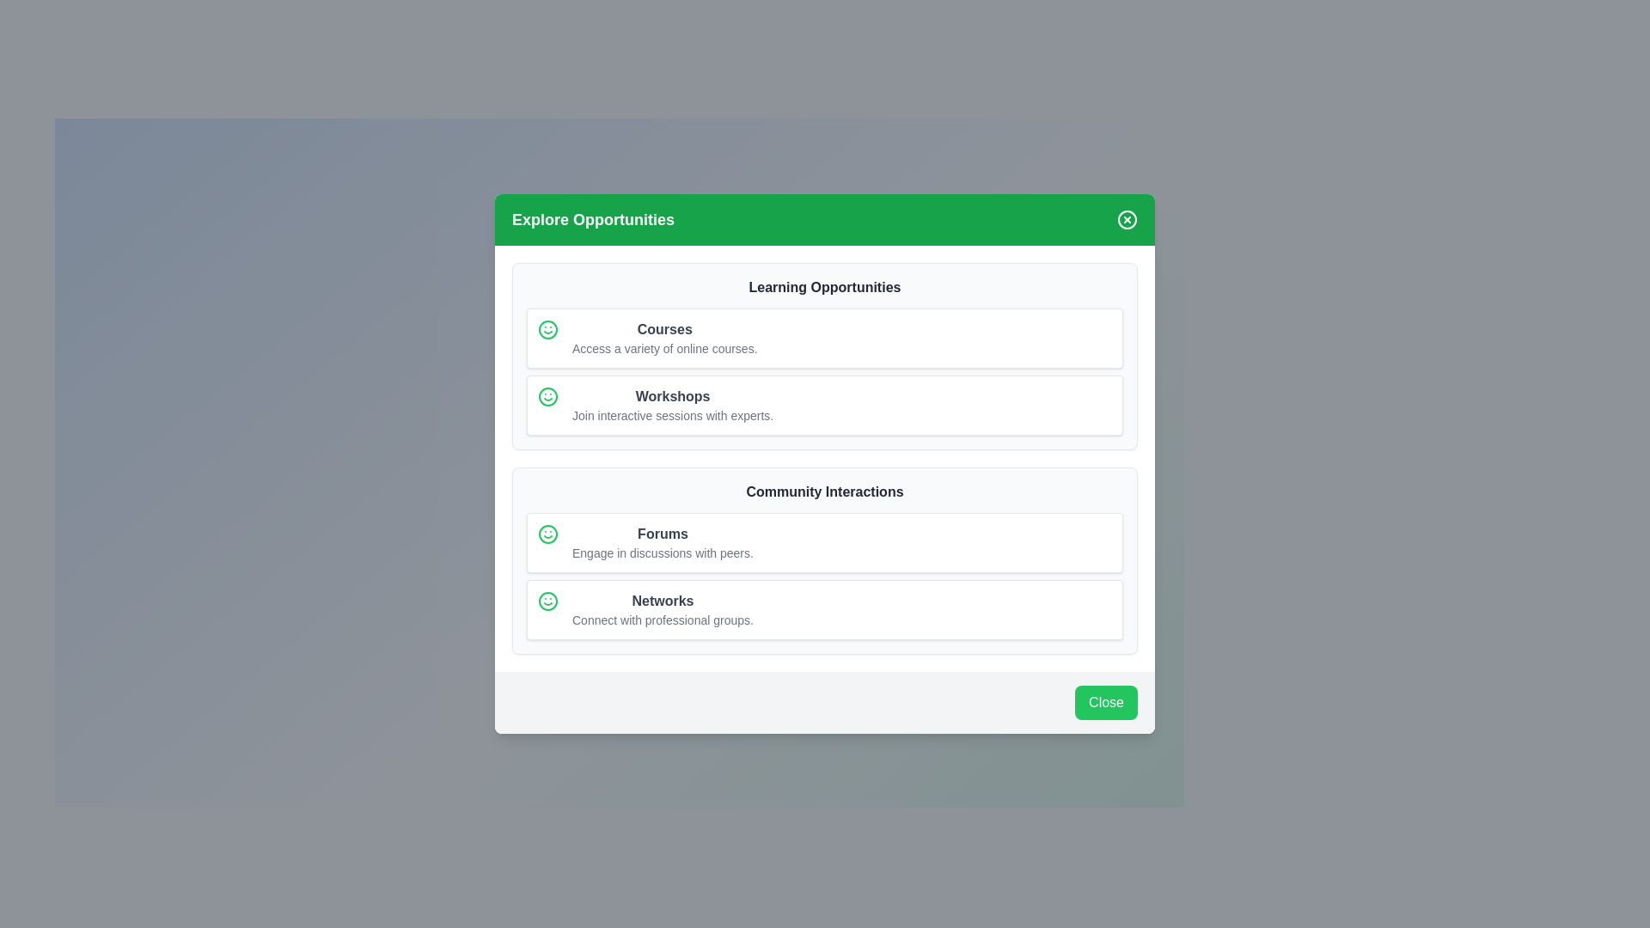 The height and width of the screenshot is (928, 1650). What do you see at coordinates (662, 620) in the screenshot?
I see `the supplementary description text for the 'Networks' section located below the 'Networks' header in the 'Community Interactions' group` at bounding box center [662, 620].